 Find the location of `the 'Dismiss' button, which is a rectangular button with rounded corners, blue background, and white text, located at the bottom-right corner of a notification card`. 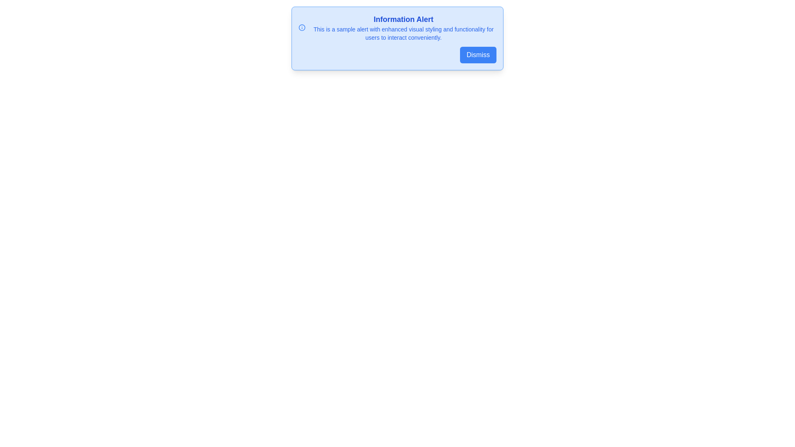

the 'Dismiss' button, which is a rectangular button with rounded corners, blue background, and white text, located at the bottom-right corner of a notification card is located at coordinates (478, 55).